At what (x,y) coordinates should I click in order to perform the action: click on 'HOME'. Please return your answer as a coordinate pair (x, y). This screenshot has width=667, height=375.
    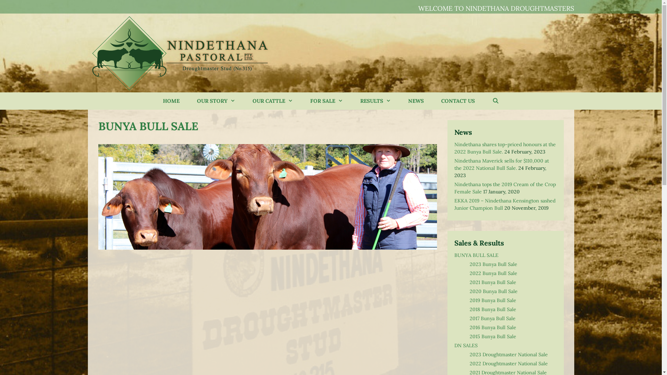
    Looking at the image, I should click on (171, 101).